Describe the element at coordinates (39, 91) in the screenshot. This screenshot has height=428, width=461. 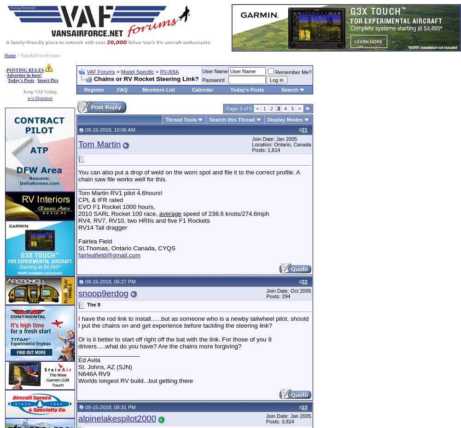
I see `'Keep VAF 
				Going'` at that location.